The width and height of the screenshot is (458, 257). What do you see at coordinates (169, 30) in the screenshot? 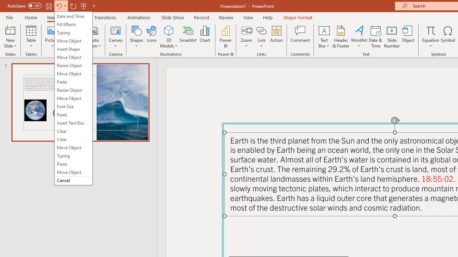
I see `'3D Models'` at bounding box center [169, 30].